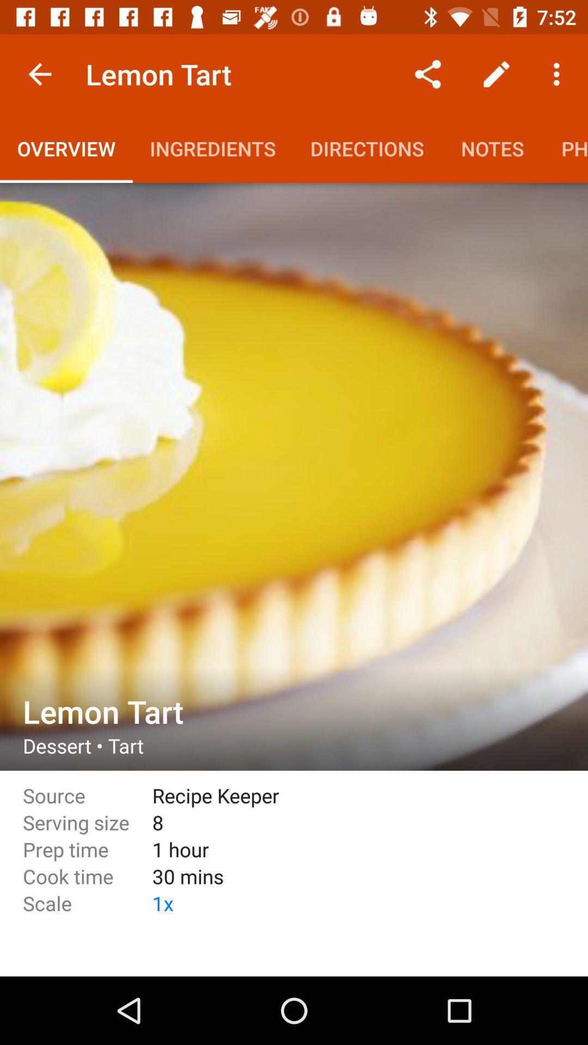 The width and height of the screenshot is (588, 1045). What do you see at coordinates (347, 903) in the screenshot?
I see `the item below the 30 mins` at bounding box center [347, 903].